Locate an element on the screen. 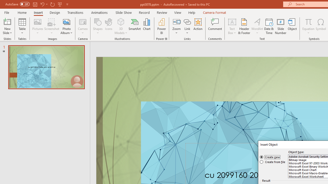 The image size is (328, 184). 'Create from file' is located at coordinates (272, 162).